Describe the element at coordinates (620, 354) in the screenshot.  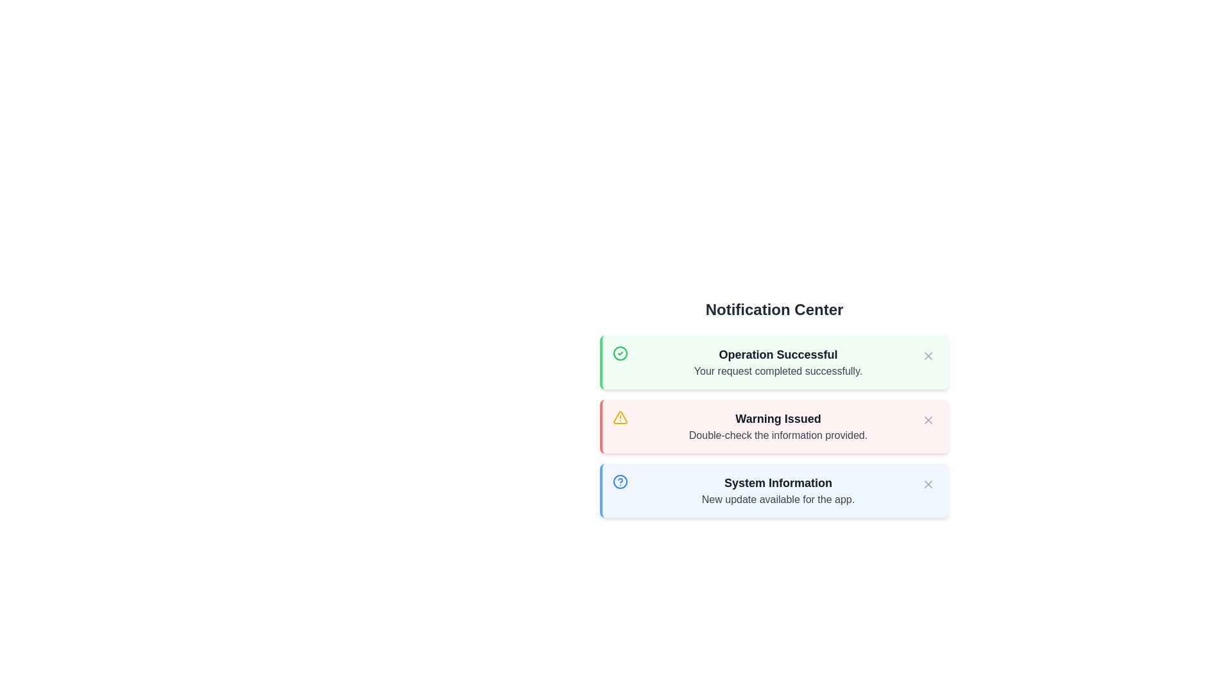
I see `the Decorative status indicator icon within the notification card titled 'Operation Successful' to indicate that the operation was successful` at that location.